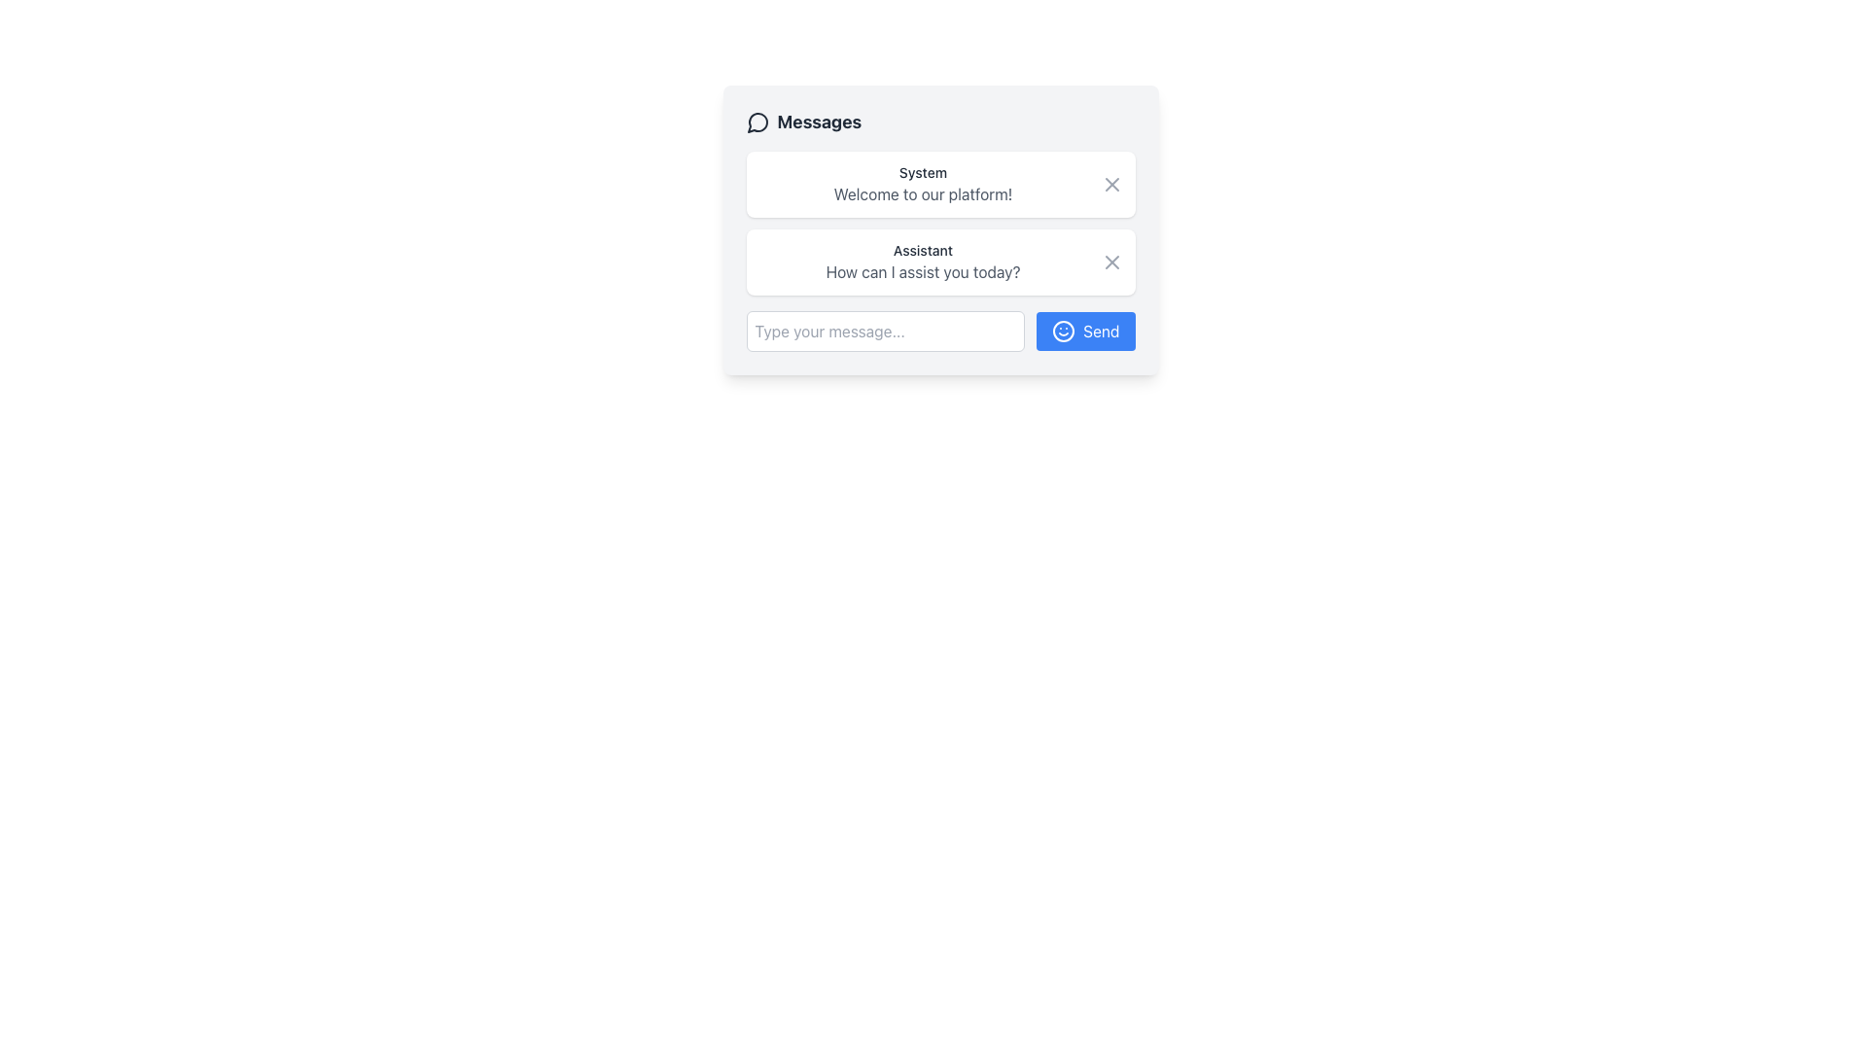  Describe the element at coordinates (1111, 262) in the screenshot. I see `the close button located in the top-right corner of the 'Assistant' message box` at that location.